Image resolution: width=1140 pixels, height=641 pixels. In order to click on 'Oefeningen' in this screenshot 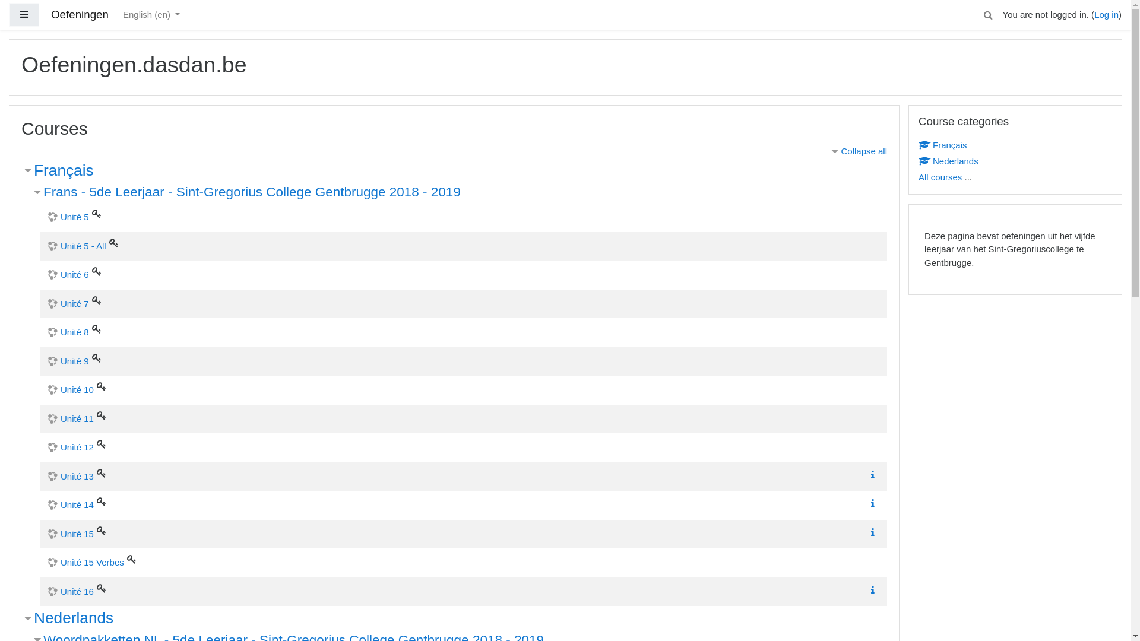, I will do `click(79, 15)`.